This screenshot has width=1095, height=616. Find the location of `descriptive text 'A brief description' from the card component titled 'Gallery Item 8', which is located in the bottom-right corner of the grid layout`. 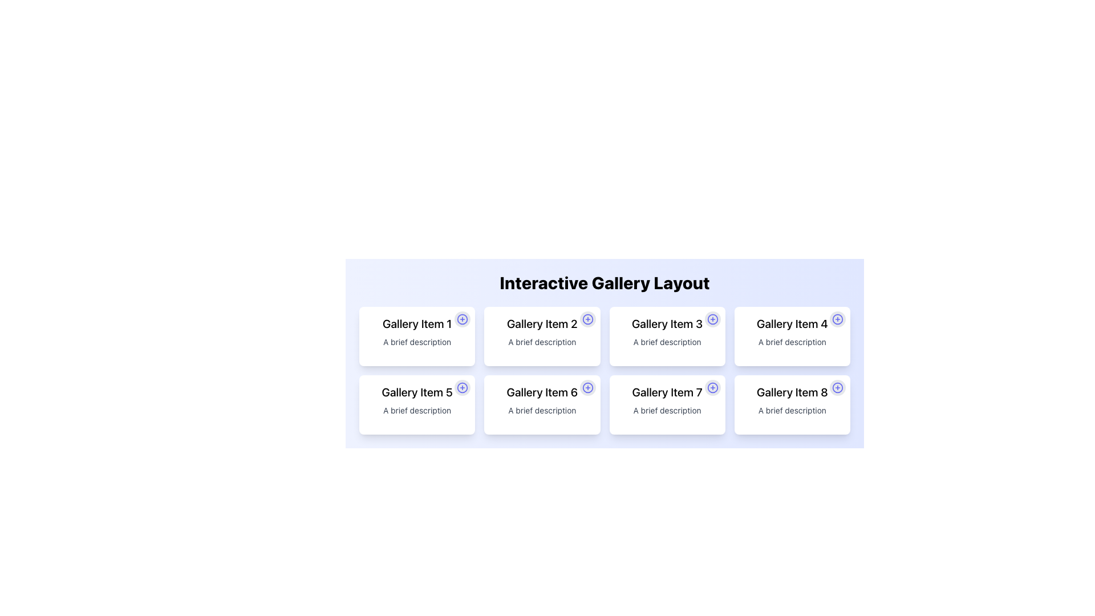

descriptive text 'A brief description' from the card component titled 'Gallery Item 8', which is located in the bottom-right corner of the grid layout is located at coordinates (792, 404).